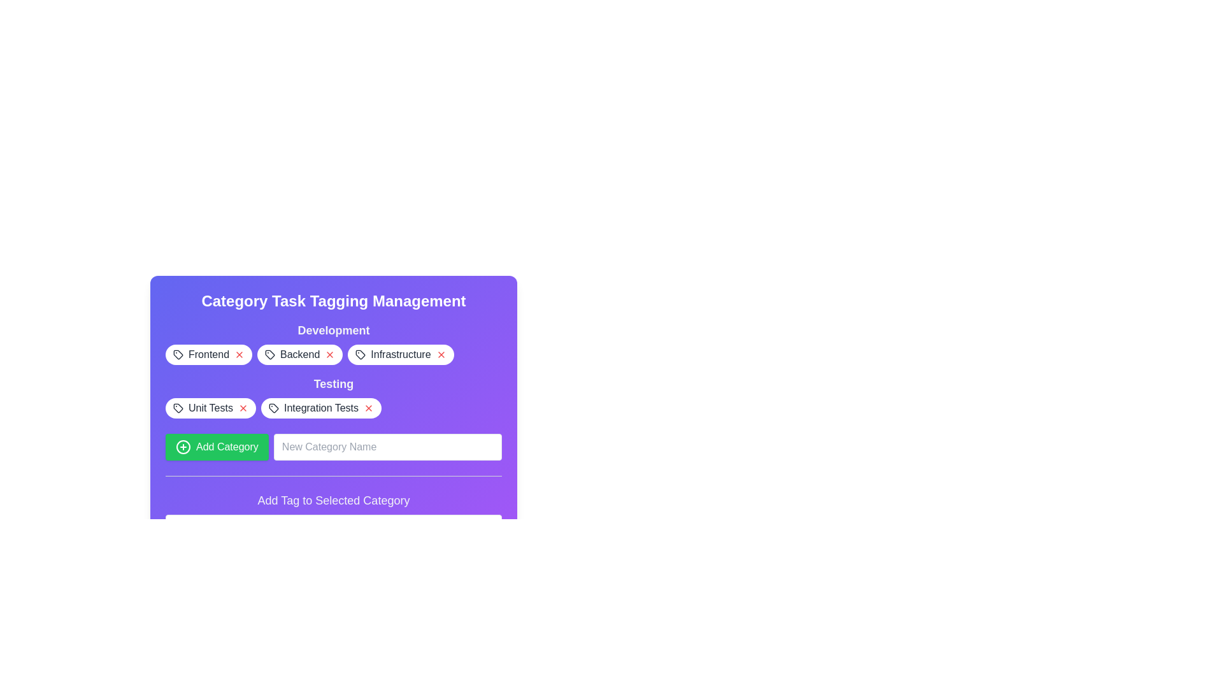  What do you see at coordinates (441, 354) in the screenshot?
I see `the removal button for the 'Infrastructure' tag to trigger a visual change` at bounding box center [441, 354].